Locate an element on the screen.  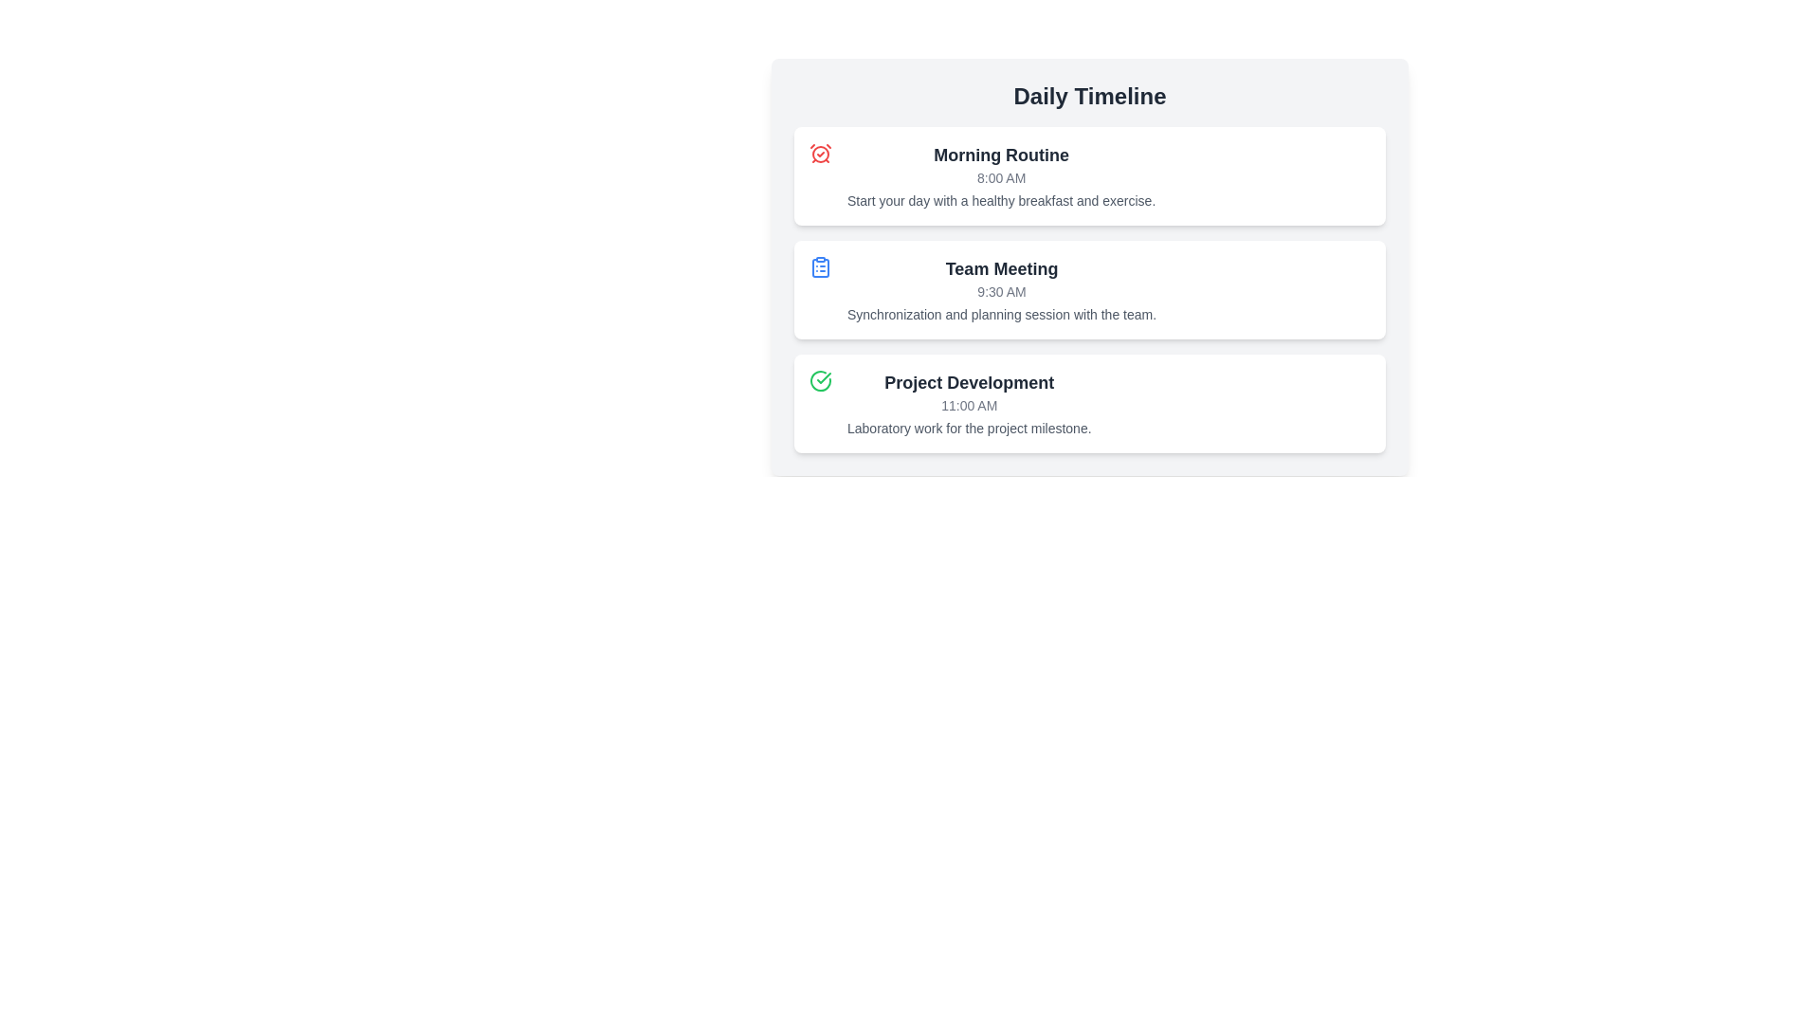
the text label indicating the scheduled time for the 'Morning Routine' event, which is located below the 'Morning Routine' heading is located at coordinates (1000, 178).